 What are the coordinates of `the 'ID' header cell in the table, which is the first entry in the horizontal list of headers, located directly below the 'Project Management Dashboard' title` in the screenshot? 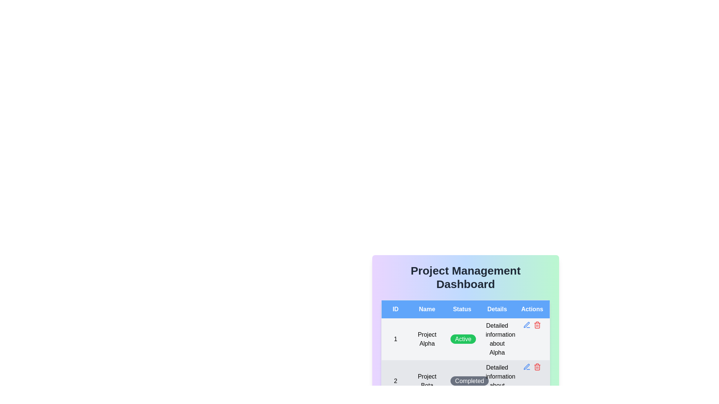 It's located at (395, 309).